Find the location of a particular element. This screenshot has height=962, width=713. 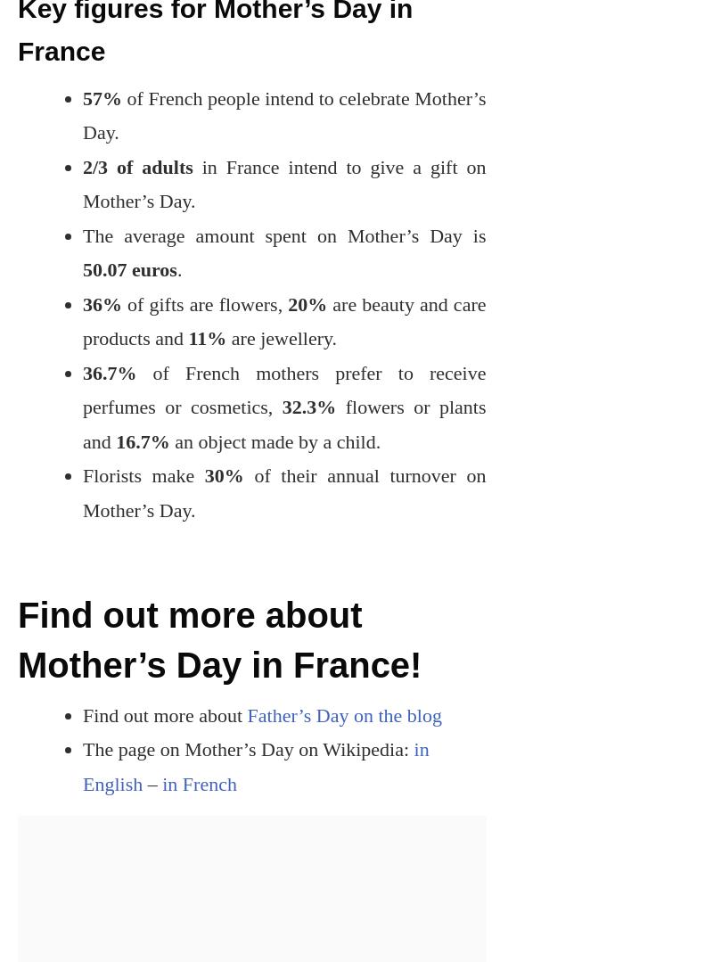

'16.7%' is located at coordinates (143, 440).